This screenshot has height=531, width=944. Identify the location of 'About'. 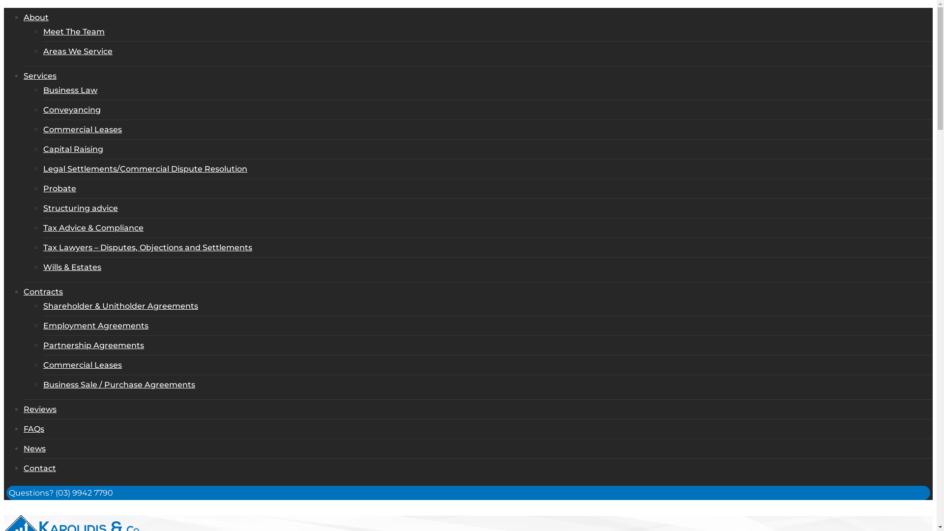
(36, 17).